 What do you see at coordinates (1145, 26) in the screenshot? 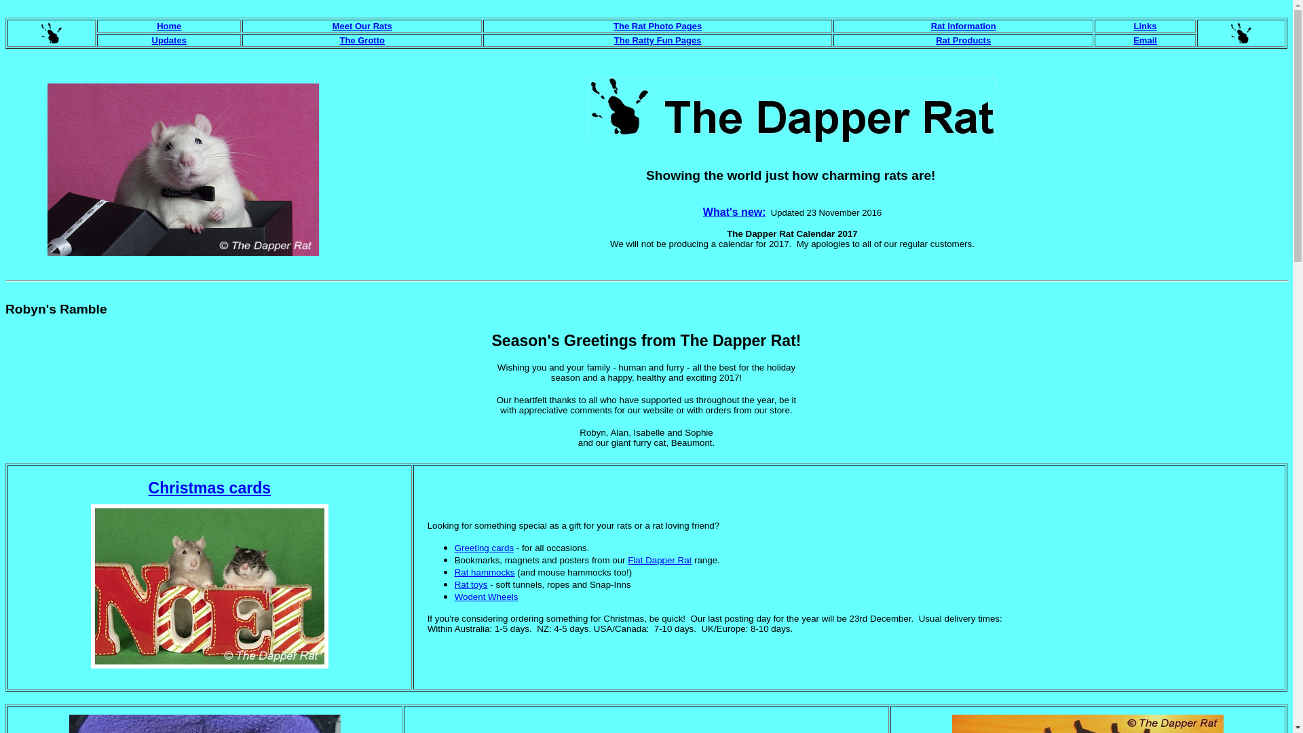
I see `'Links'` at bounding box center [1145, 26].